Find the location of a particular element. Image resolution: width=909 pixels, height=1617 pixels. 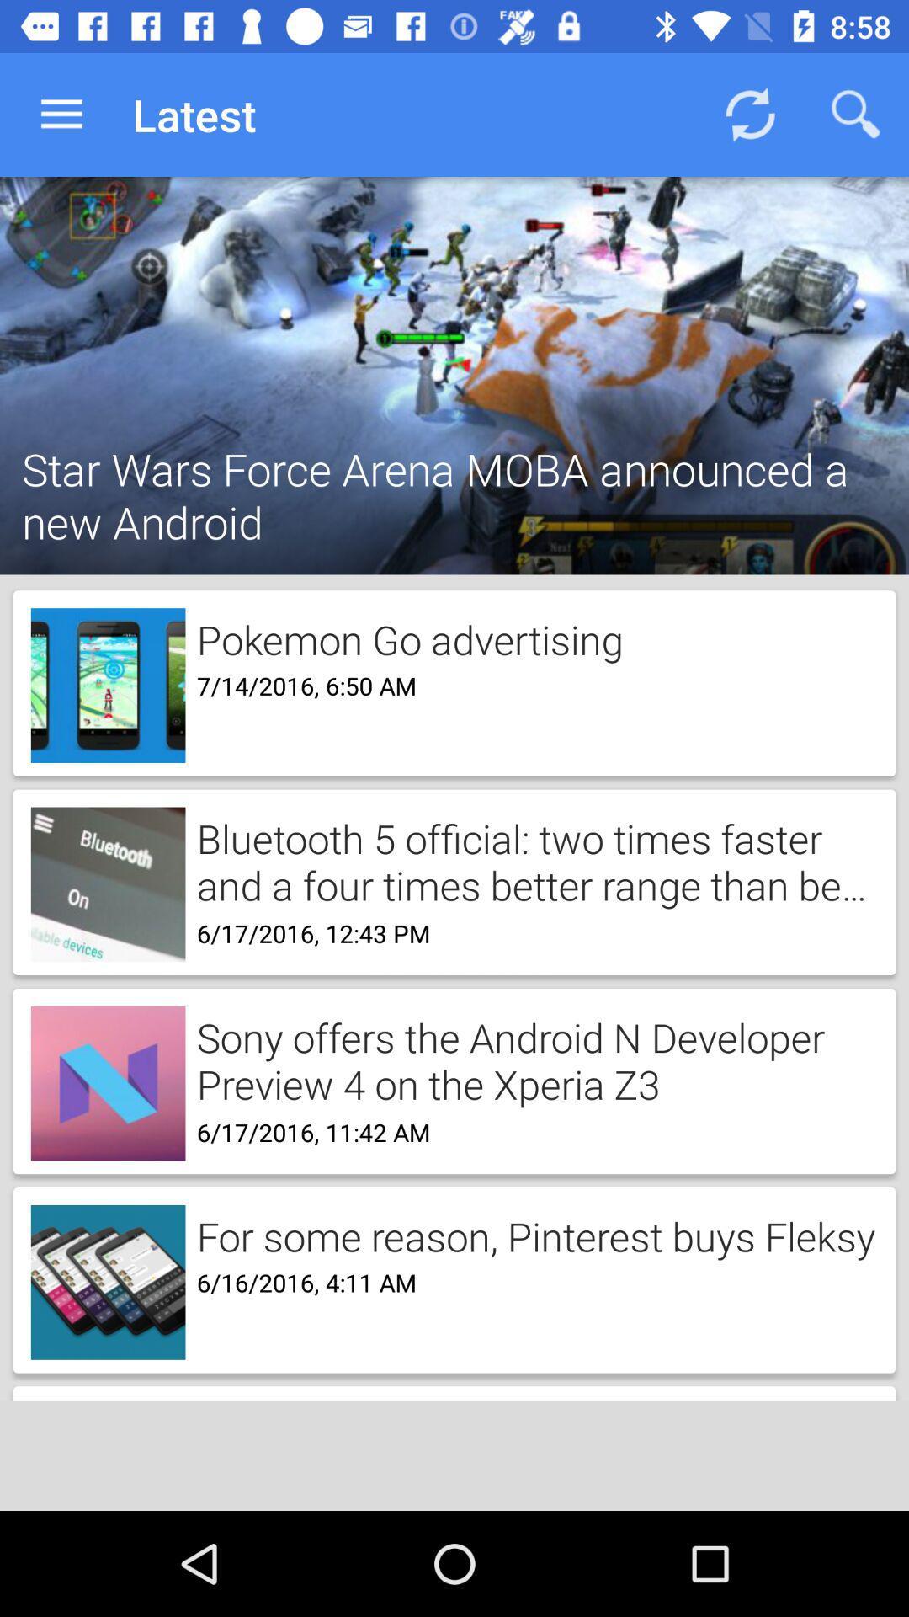

the 7 14 2016 is located at coordinates (300, 684).